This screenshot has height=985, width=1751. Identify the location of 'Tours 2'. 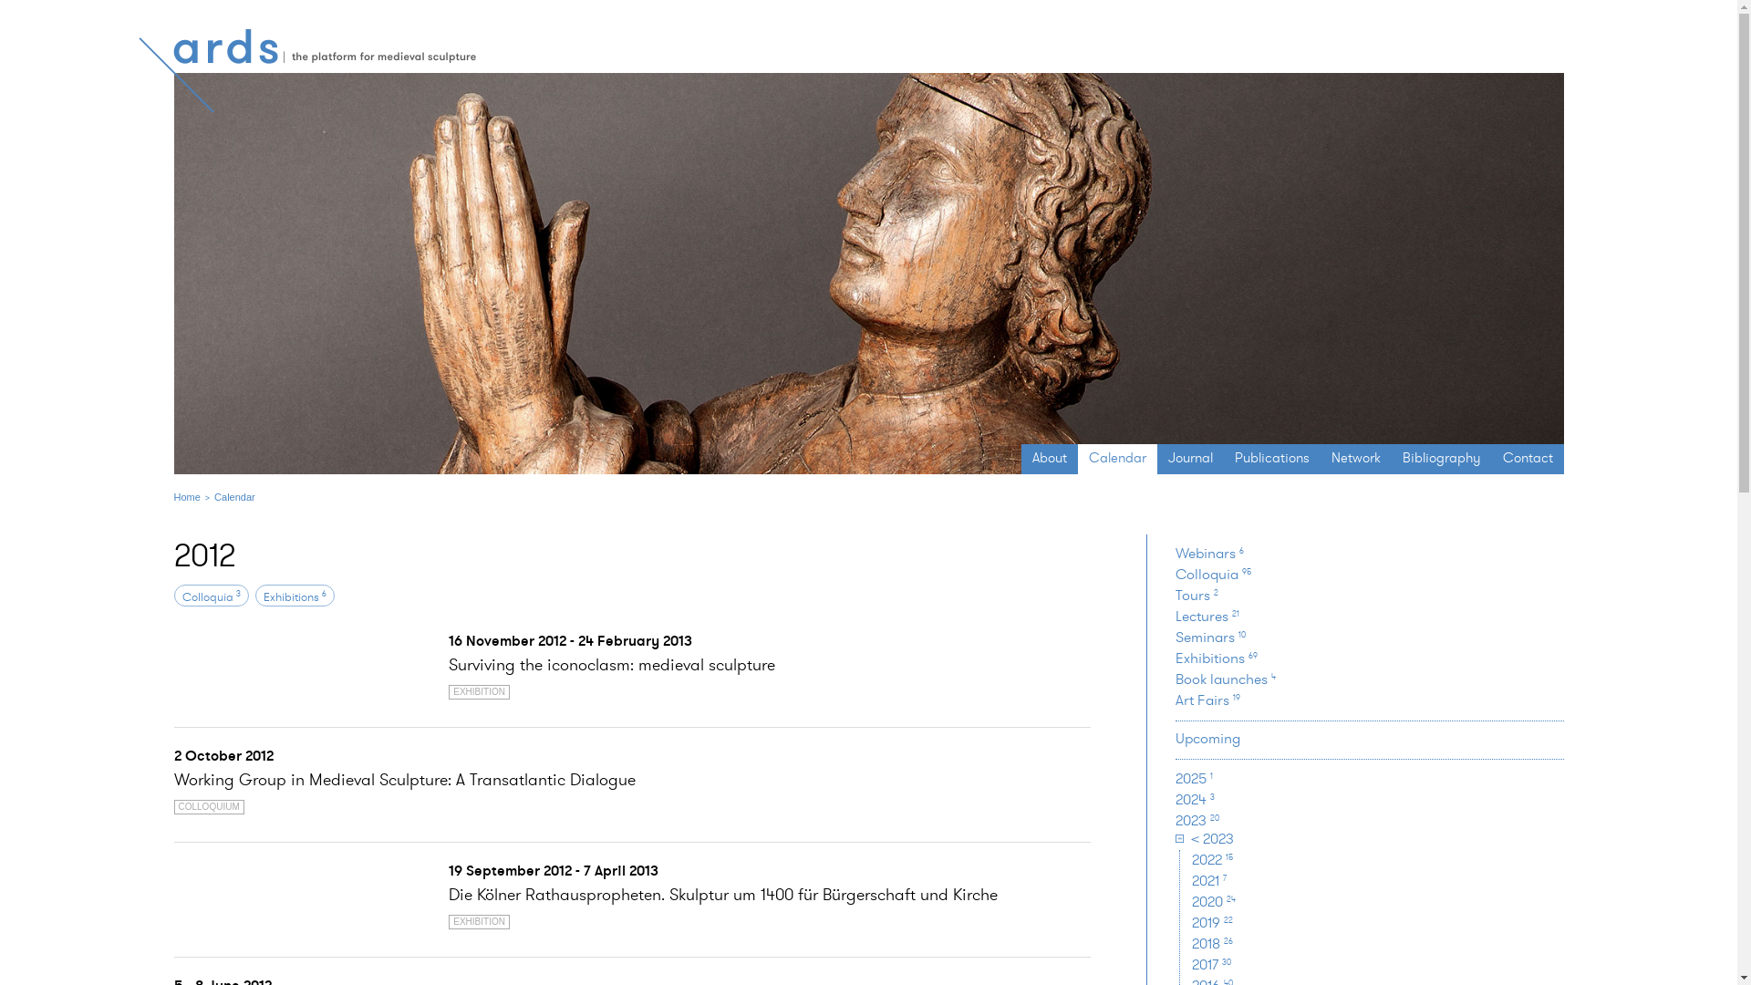
(1197, 595).